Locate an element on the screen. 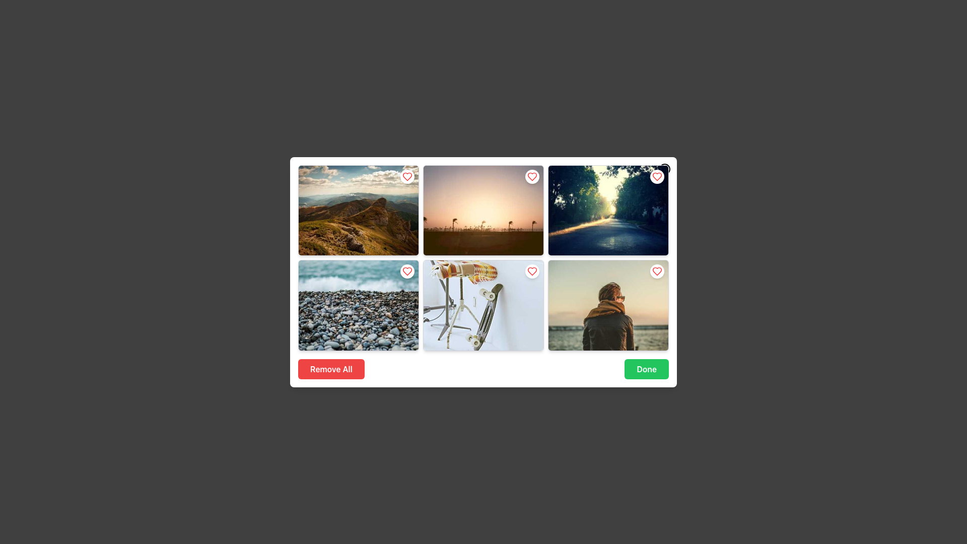  the sunset image with silhouettes of trees and a fence, which is the top image in the central column of a three-column grid is located at coordinates (483, 209).